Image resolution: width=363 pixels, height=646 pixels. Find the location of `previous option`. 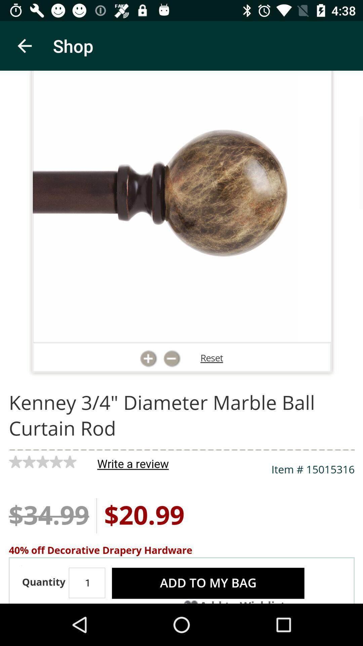

previous option is located at coordinates (24, 45).